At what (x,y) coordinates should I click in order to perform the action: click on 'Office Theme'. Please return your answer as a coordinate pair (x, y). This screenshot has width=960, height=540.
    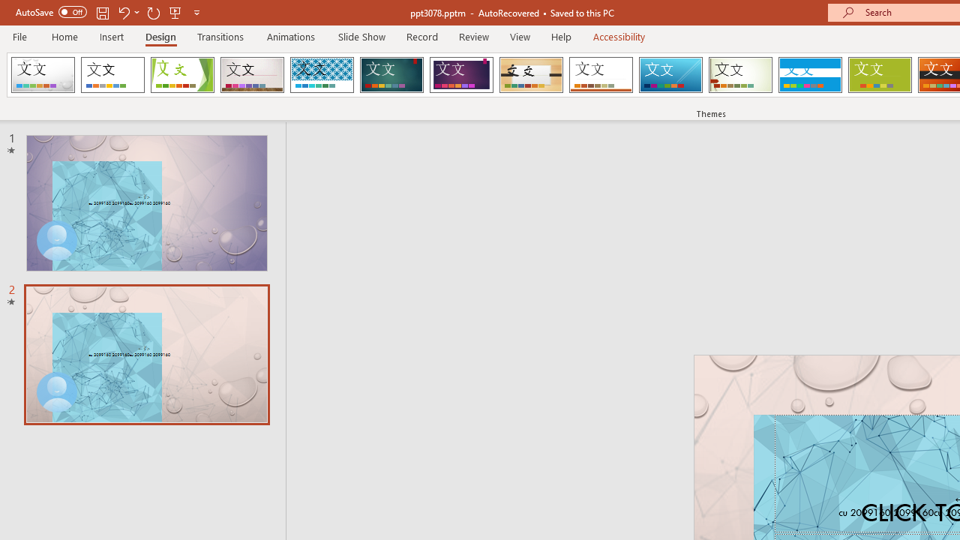
    Looking at the image, I should click on (112, 75).